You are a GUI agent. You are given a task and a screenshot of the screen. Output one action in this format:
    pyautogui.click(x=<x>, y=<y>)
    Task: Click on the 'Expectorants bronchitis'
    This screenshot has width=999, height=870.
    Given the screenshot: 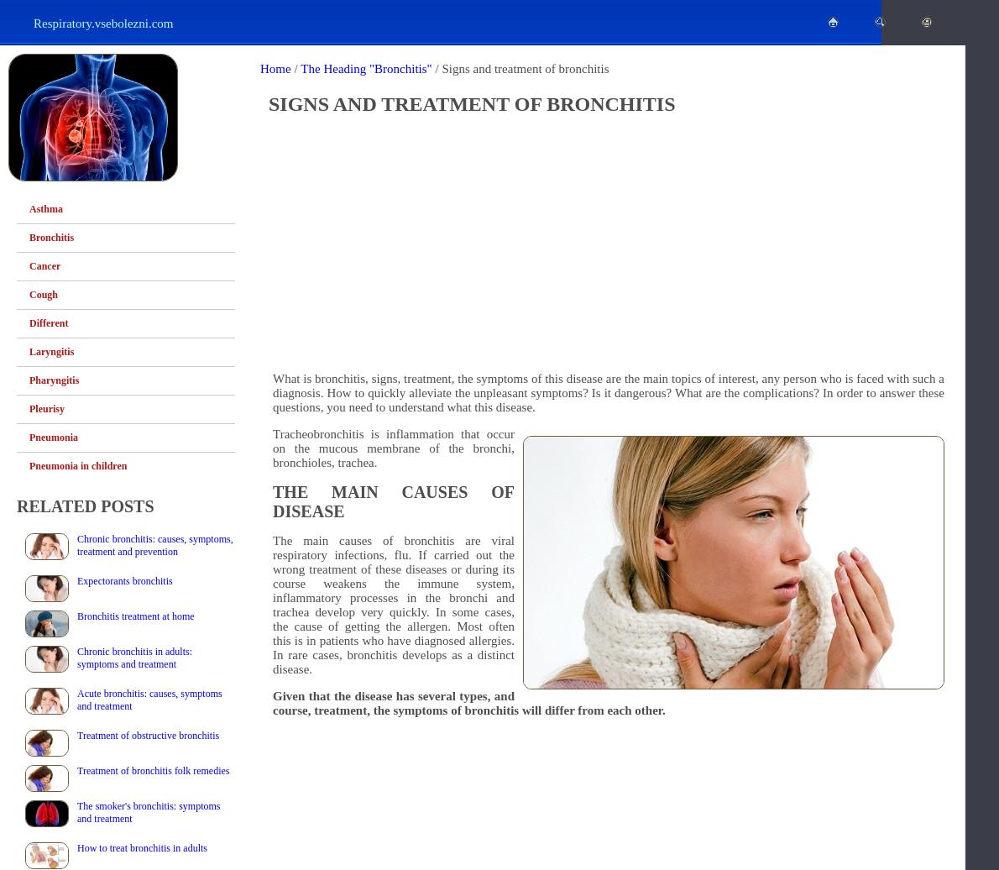 What is the action you would take?
    pyautogui.click(x=76, y=581)
    